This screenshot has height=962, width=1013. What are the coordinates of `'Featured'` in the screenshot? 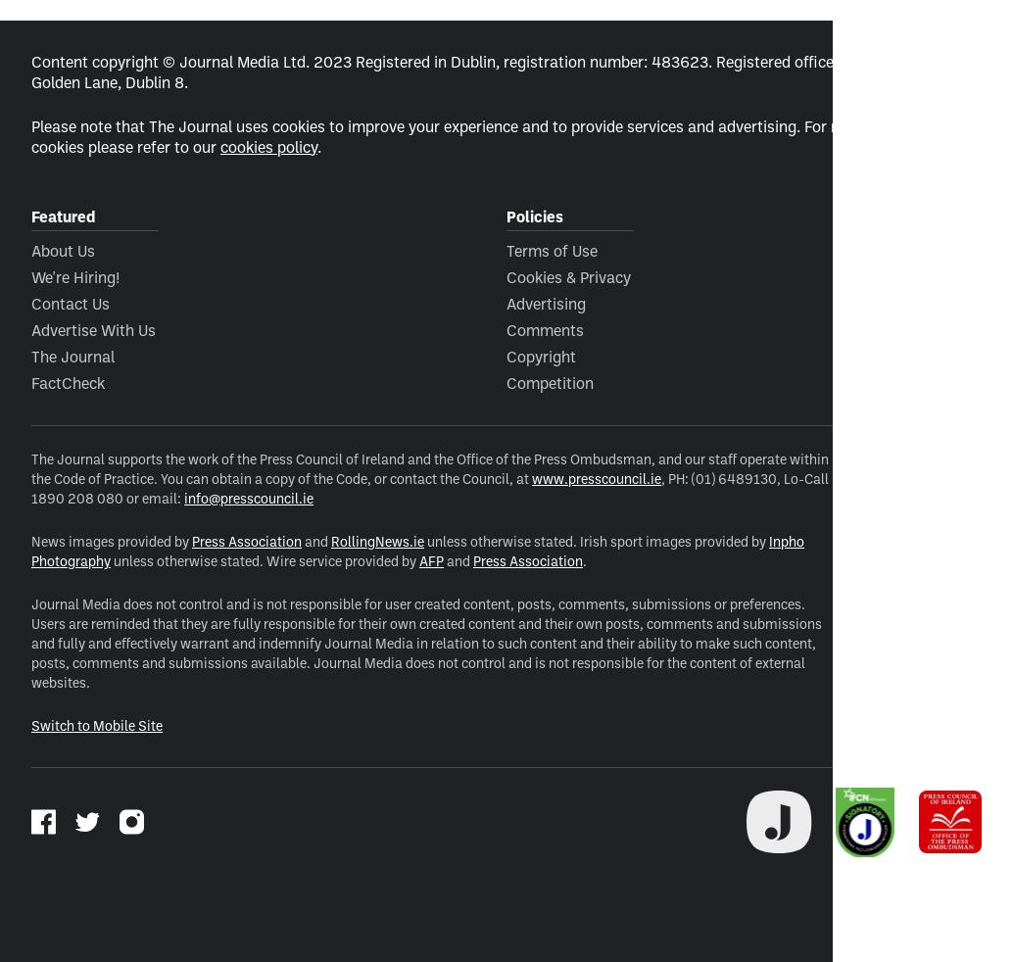 It's located at (30, 214).